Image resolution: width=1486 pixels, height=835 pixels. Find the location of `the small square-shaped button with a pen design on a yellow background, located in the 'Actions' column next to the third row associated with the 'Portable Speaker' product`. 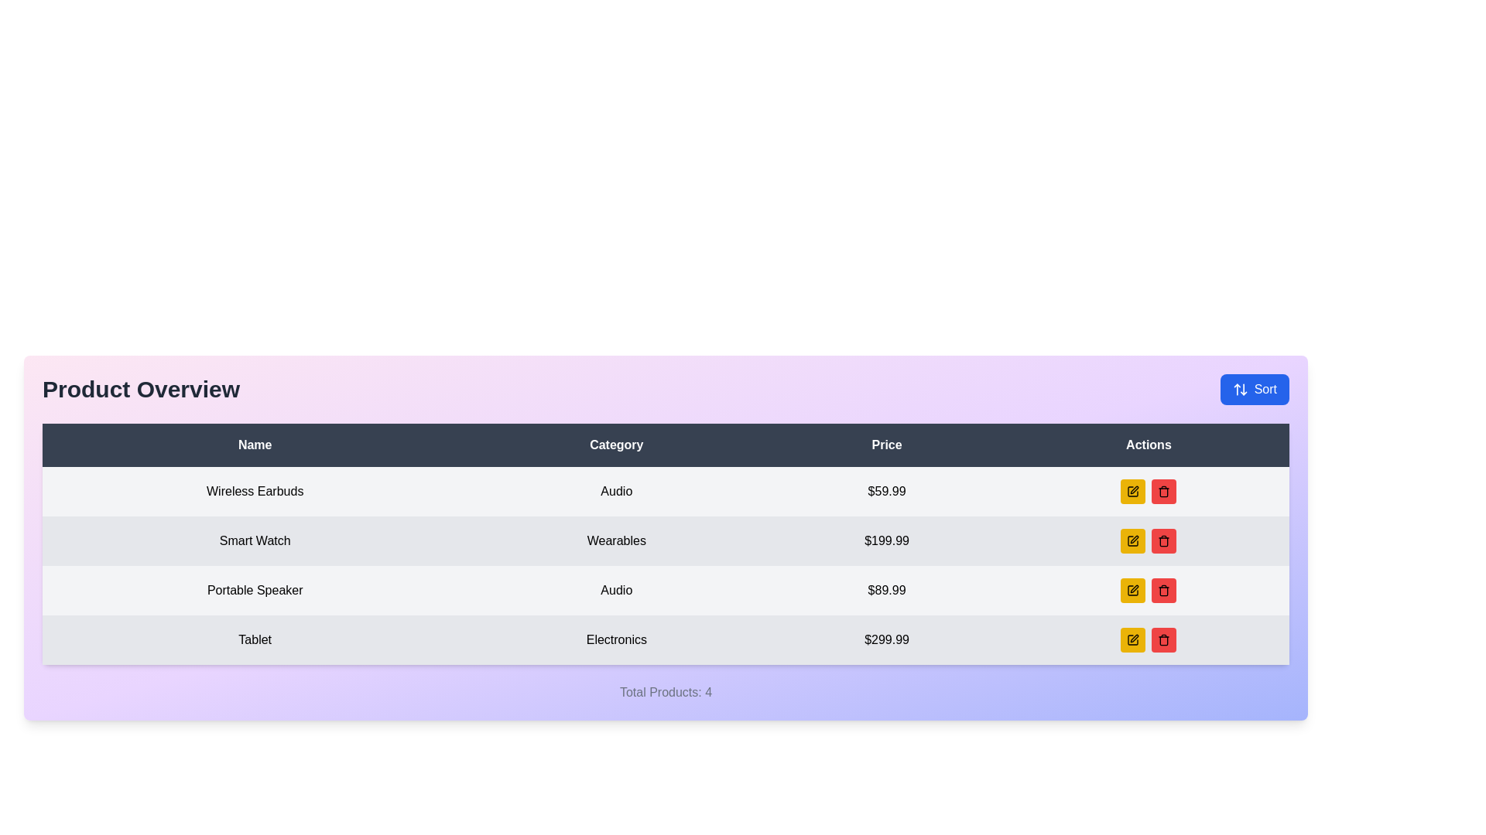

the small square-shaped button with a pen design on a yellow background, located in the 'Actions' column next to the third row associated with the 'Portable Speaker' product is located at coordinates (1133, 540).